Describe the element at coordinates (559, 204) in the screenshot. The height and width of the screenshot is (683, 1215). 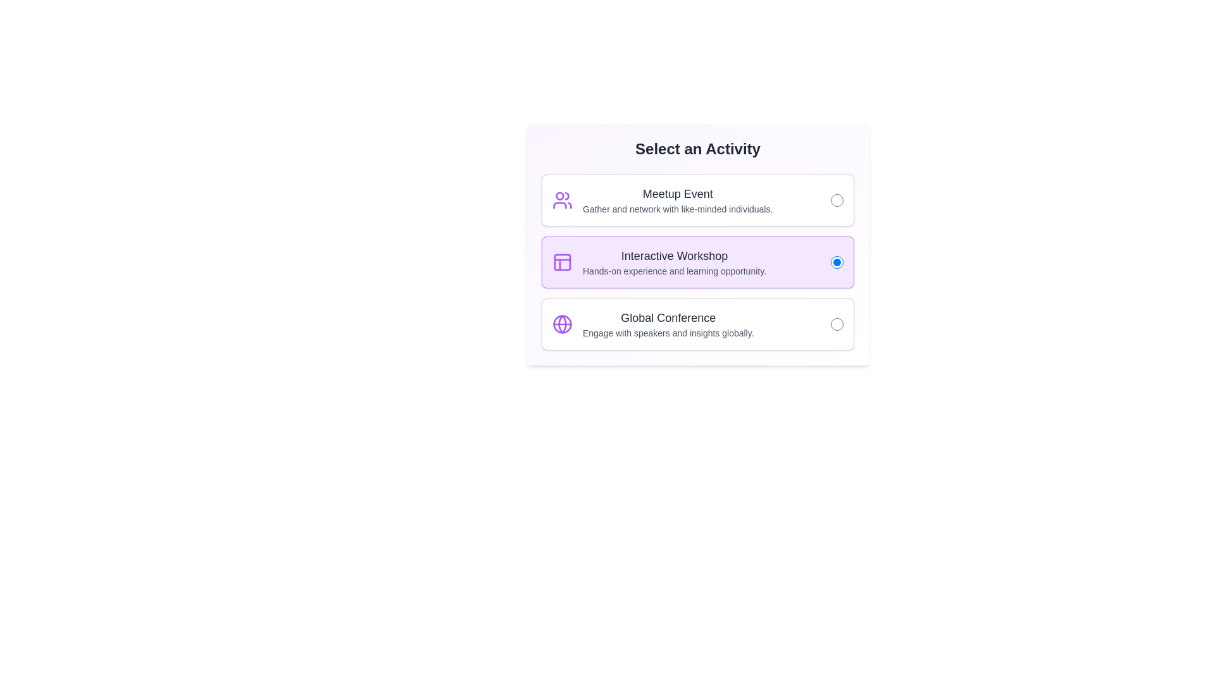
I see `the purple curved line representing part of the people icon located near the bottom of the SVG icon, which is to the left of the 'Meetup Event' text in the first selectable card` at that location.